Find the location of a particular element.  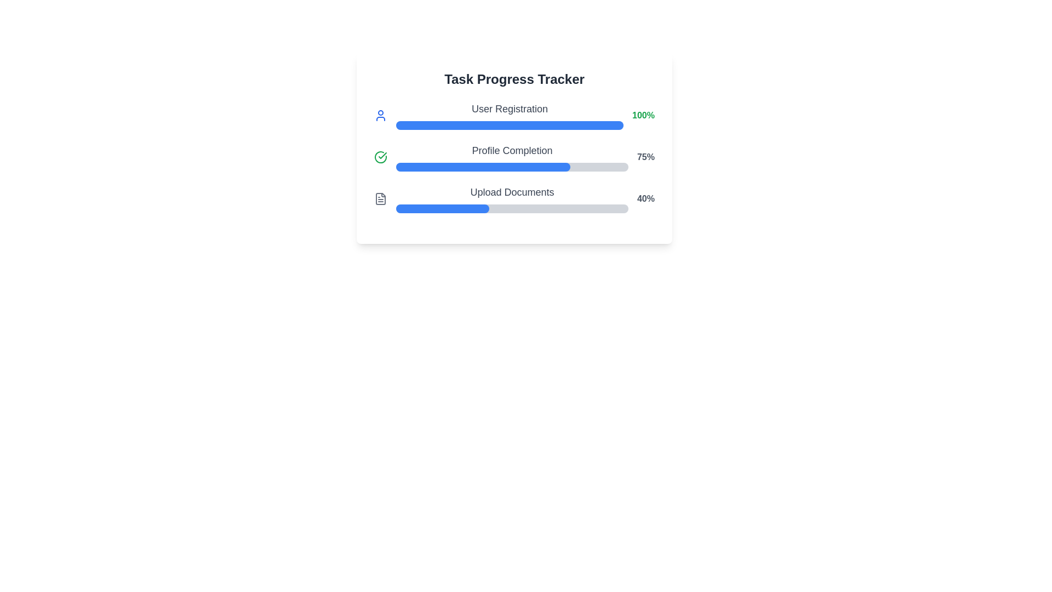

the second progress bar in the main content area that indicates the 'Profile Completion' task progress is located at coordinates (514, 157).